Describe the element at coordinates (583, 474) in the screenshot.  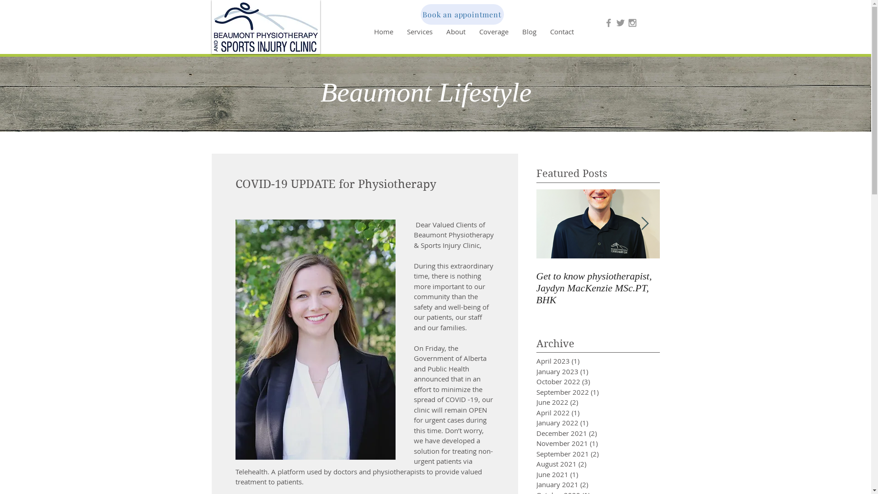
I see `'June 2021 (1)'` at that location.